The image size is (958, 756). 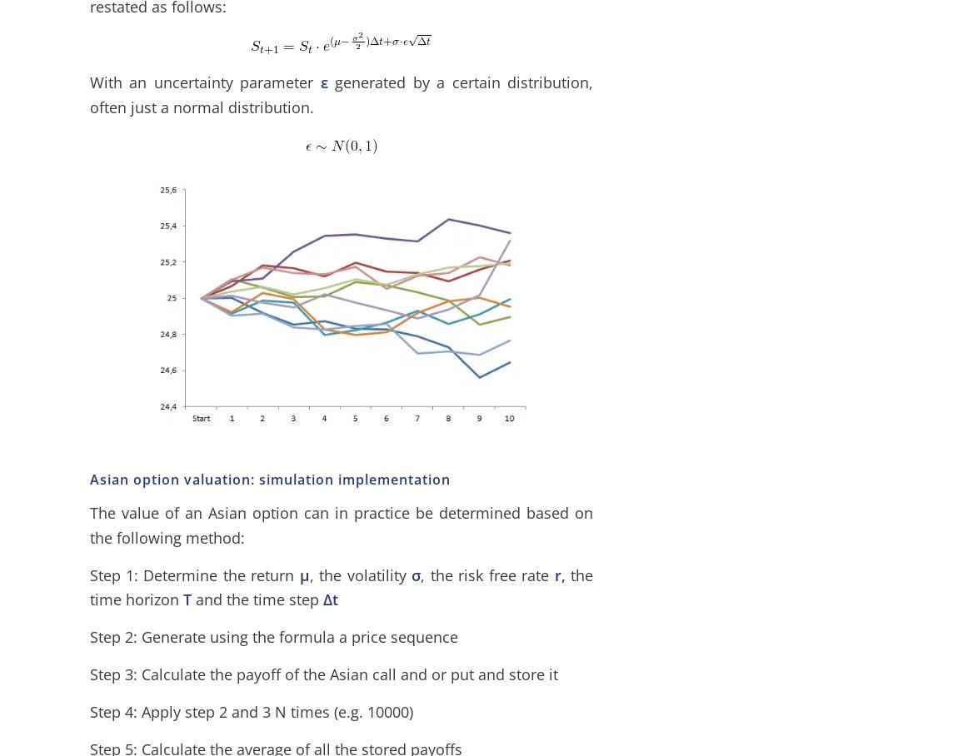 What do you see at coordinates (341, 93) in the screenshot?
I see `'generated by a certain distribution, often just a normal distribution.'` at bounding box center [341, 93].